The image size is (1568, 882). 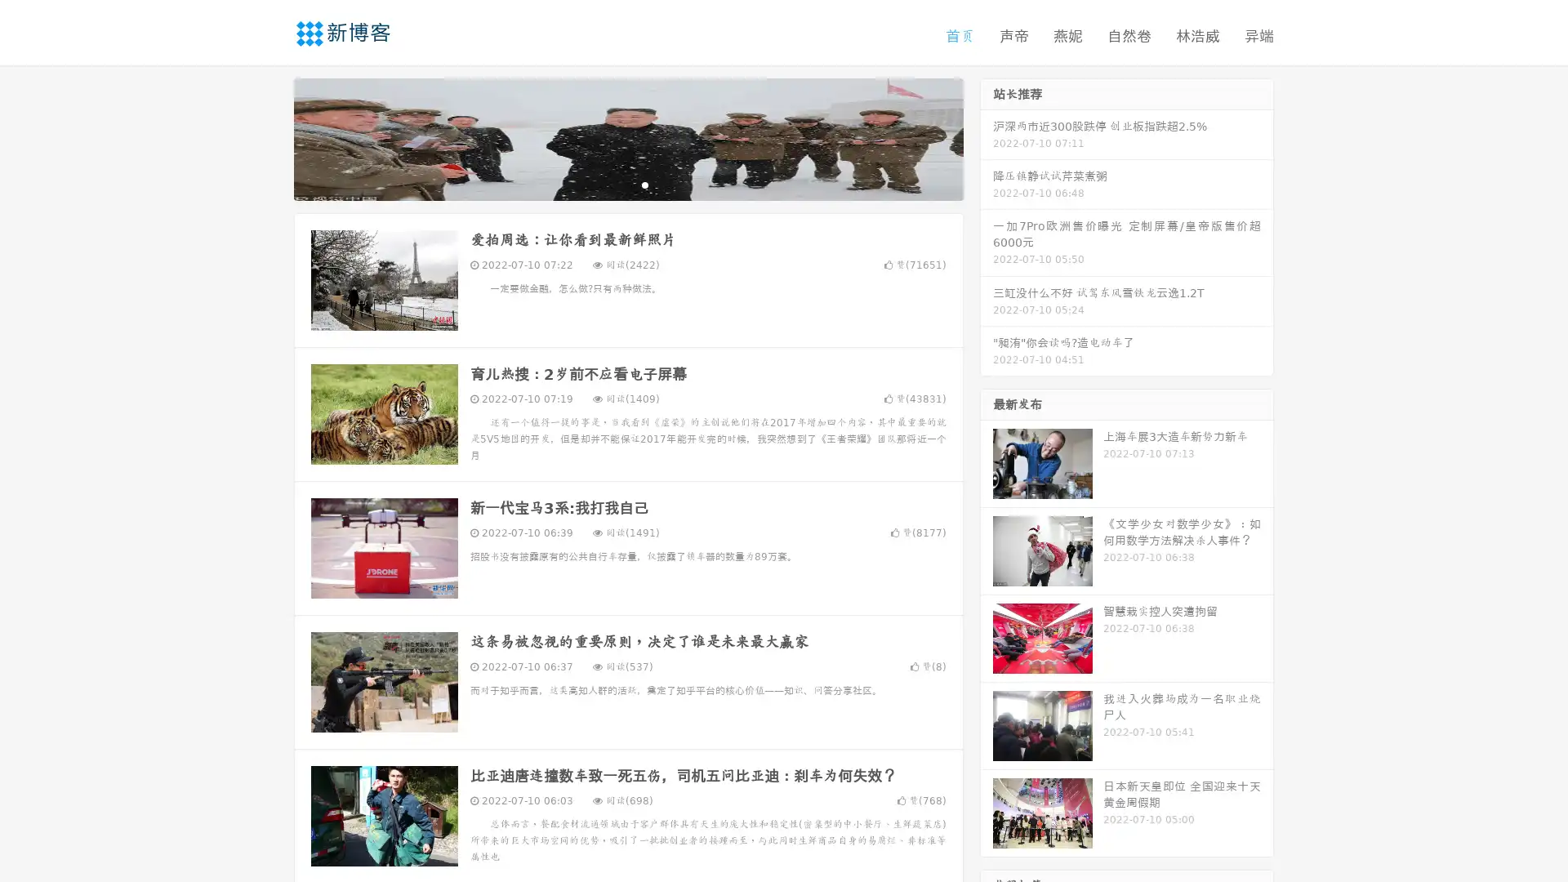 What do you see at coordinates (269, 137) in the screenshot?
I see `Previous slide` at bounding box center [269, 137].